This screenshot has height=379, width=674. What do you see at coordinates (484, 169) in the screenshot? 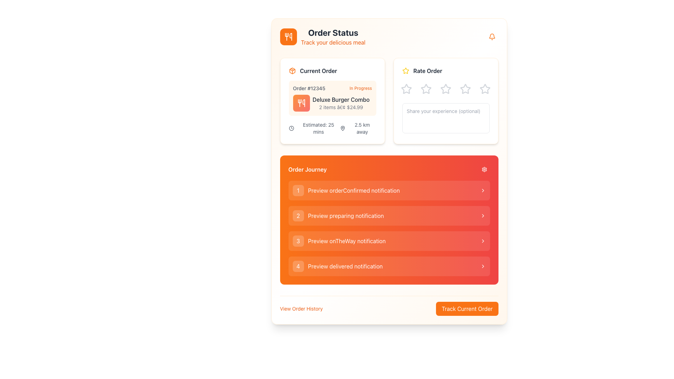
I see `the settings button located in the header labeled 'Order Journey' at the top edge of the orange-colored panel, aligned to the far right` at bounding box center [484, 169].